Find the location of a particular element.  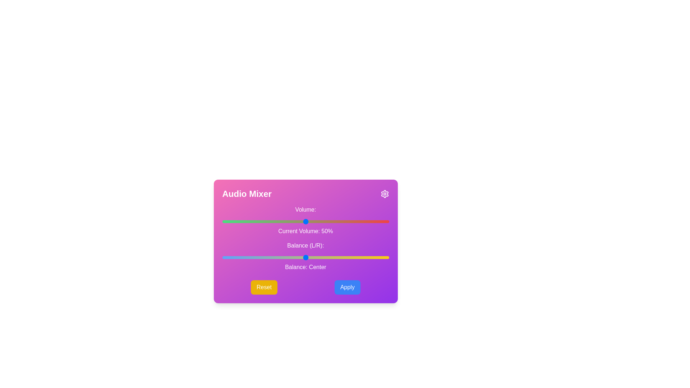

the 'Reset' button to reset the settings is located at coordinates (263, 287).